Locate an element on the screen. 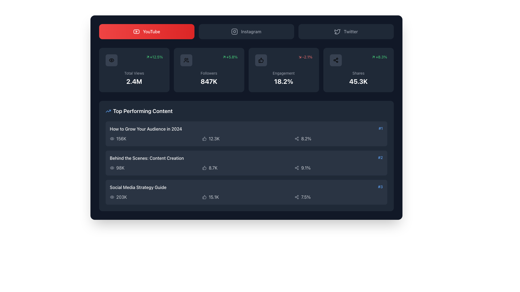 This screenshot has width=520, height=292. the 'YouTube' icon located at the top left within the horizontal list of social media buttons is located at coordinates (136, 31).